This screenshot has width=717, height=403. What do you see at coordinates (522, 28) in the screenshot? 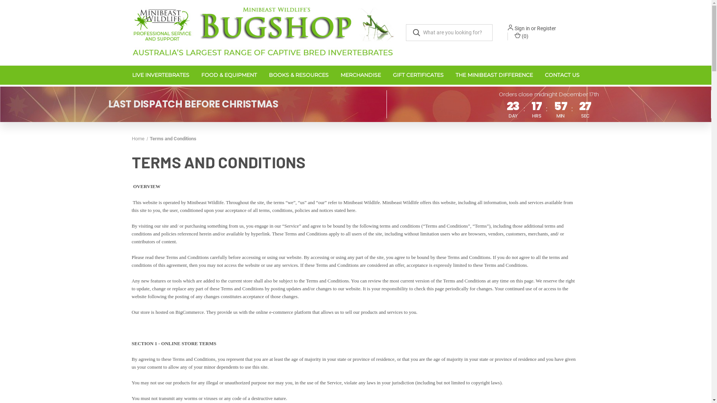
I see `'Sign in'` at bounding box center [522, 28].